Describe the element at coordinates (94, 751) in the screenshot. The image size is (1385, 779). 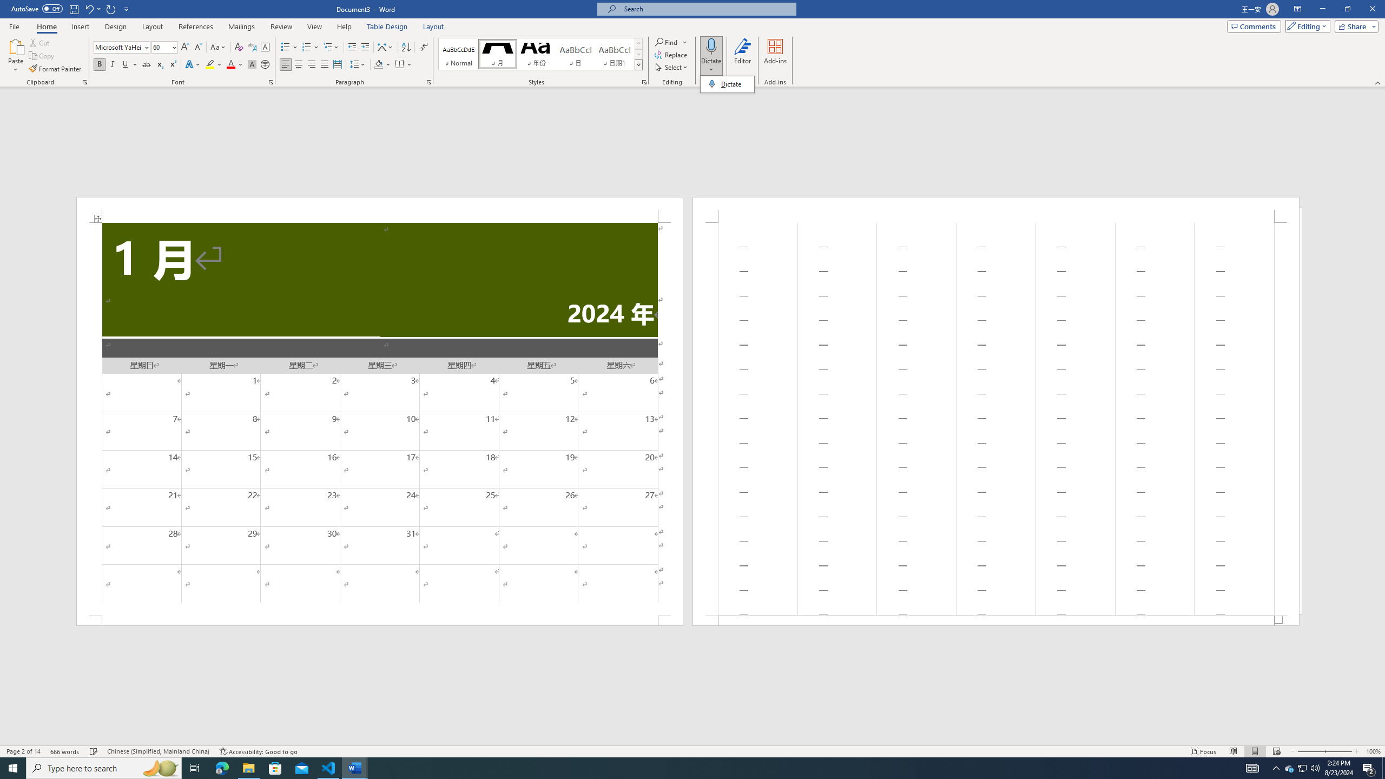
I see `'Spelling and Grammar Check Checking'` at that location.